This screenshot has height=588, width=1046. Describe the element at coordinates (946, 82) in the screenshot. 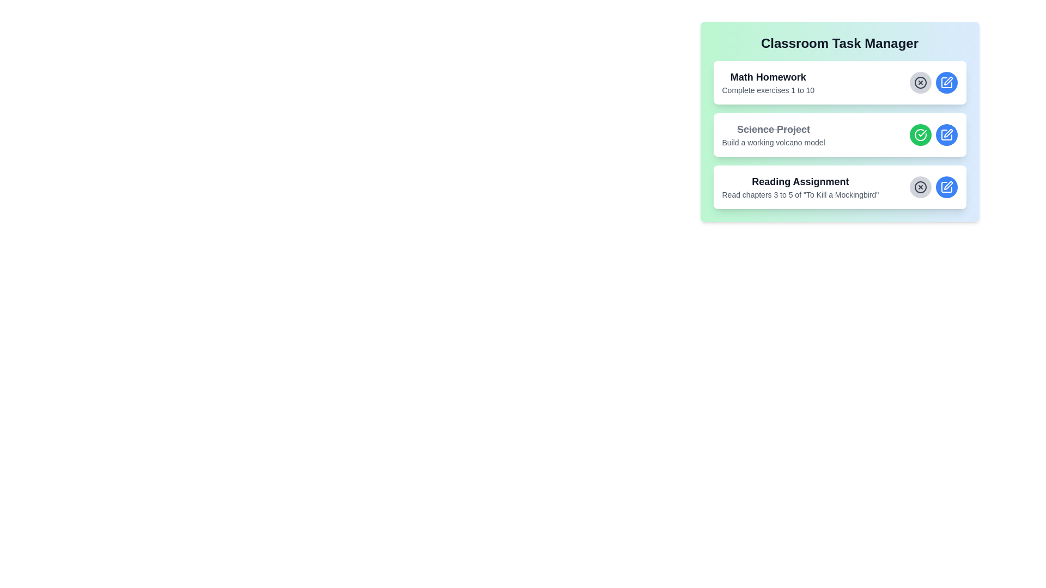

I see `edit button for the task with the title Math Homework` at that location.